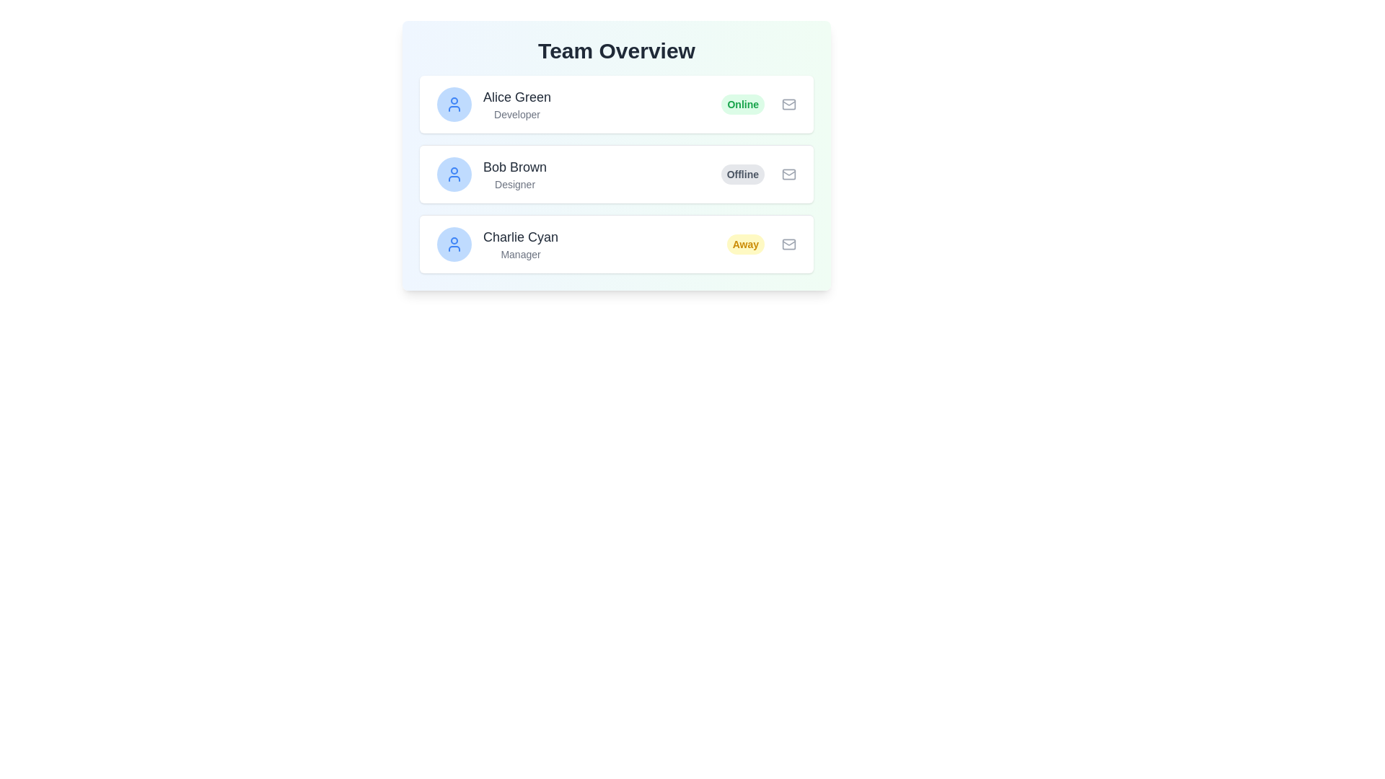 The width and height of the screenshot is (1385, 779). What do you see at coordinates (788, 242) in the screenshot?
I see `the top closure segment of the envelope icon, which is a decorative SVG element indicating email functionality, located near the text 'Offline'` at bounding box center [788, 242].